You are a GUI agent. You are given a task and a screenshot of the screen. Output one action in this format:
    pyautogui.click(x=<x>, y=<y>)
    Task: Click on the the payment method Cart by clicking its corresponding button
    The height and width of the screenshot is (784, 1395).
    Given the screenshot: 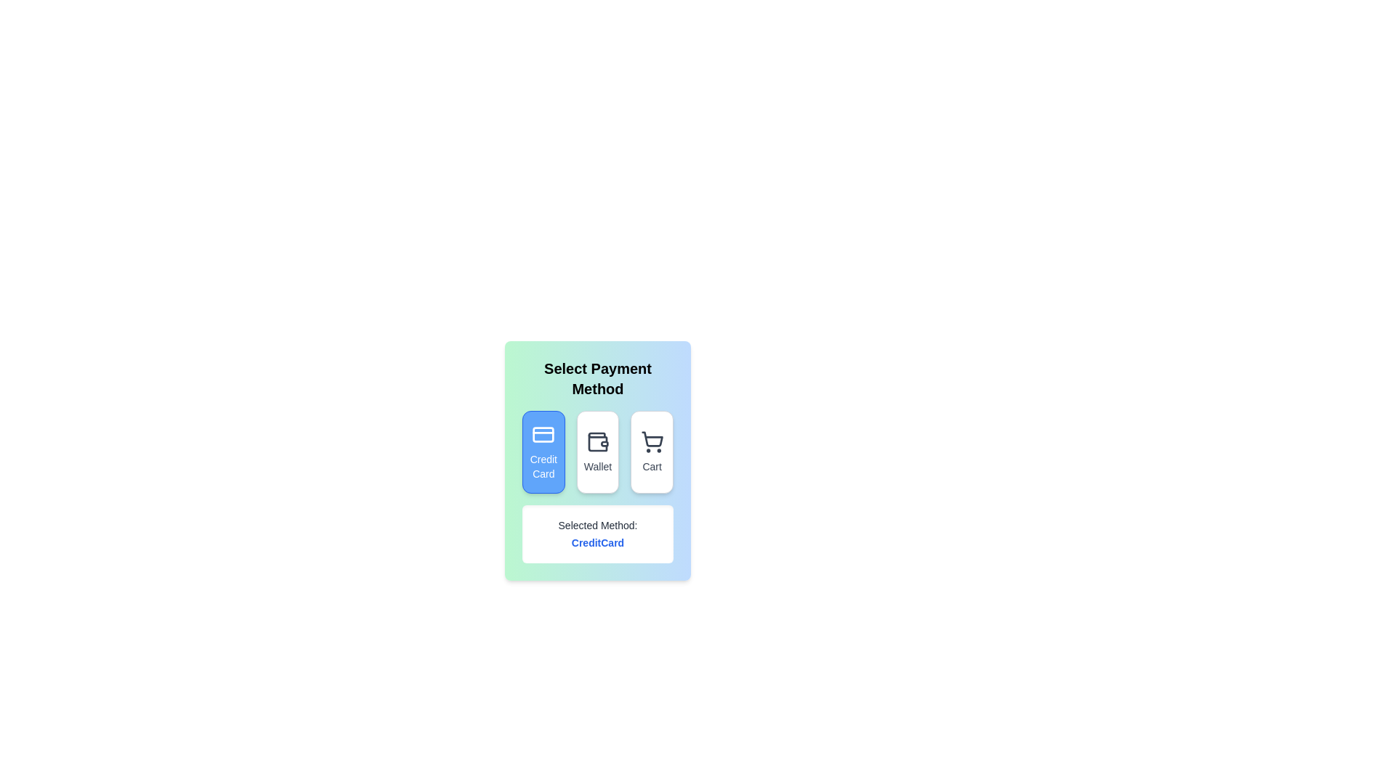 What is the action you would take?
    pyautogui.click(x=651, y=452)
    